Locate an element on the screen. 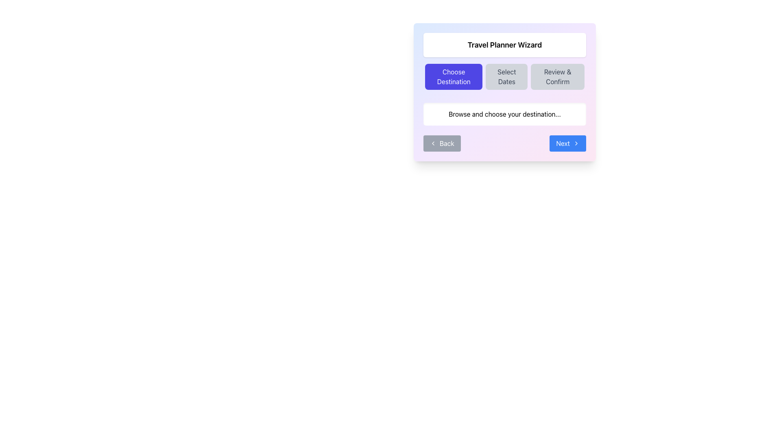 The height and width of the screenshot is (439, 781). the informational Text Label located centrally beneath the navigation buttons for travel options is located at coordinates (504, 114).